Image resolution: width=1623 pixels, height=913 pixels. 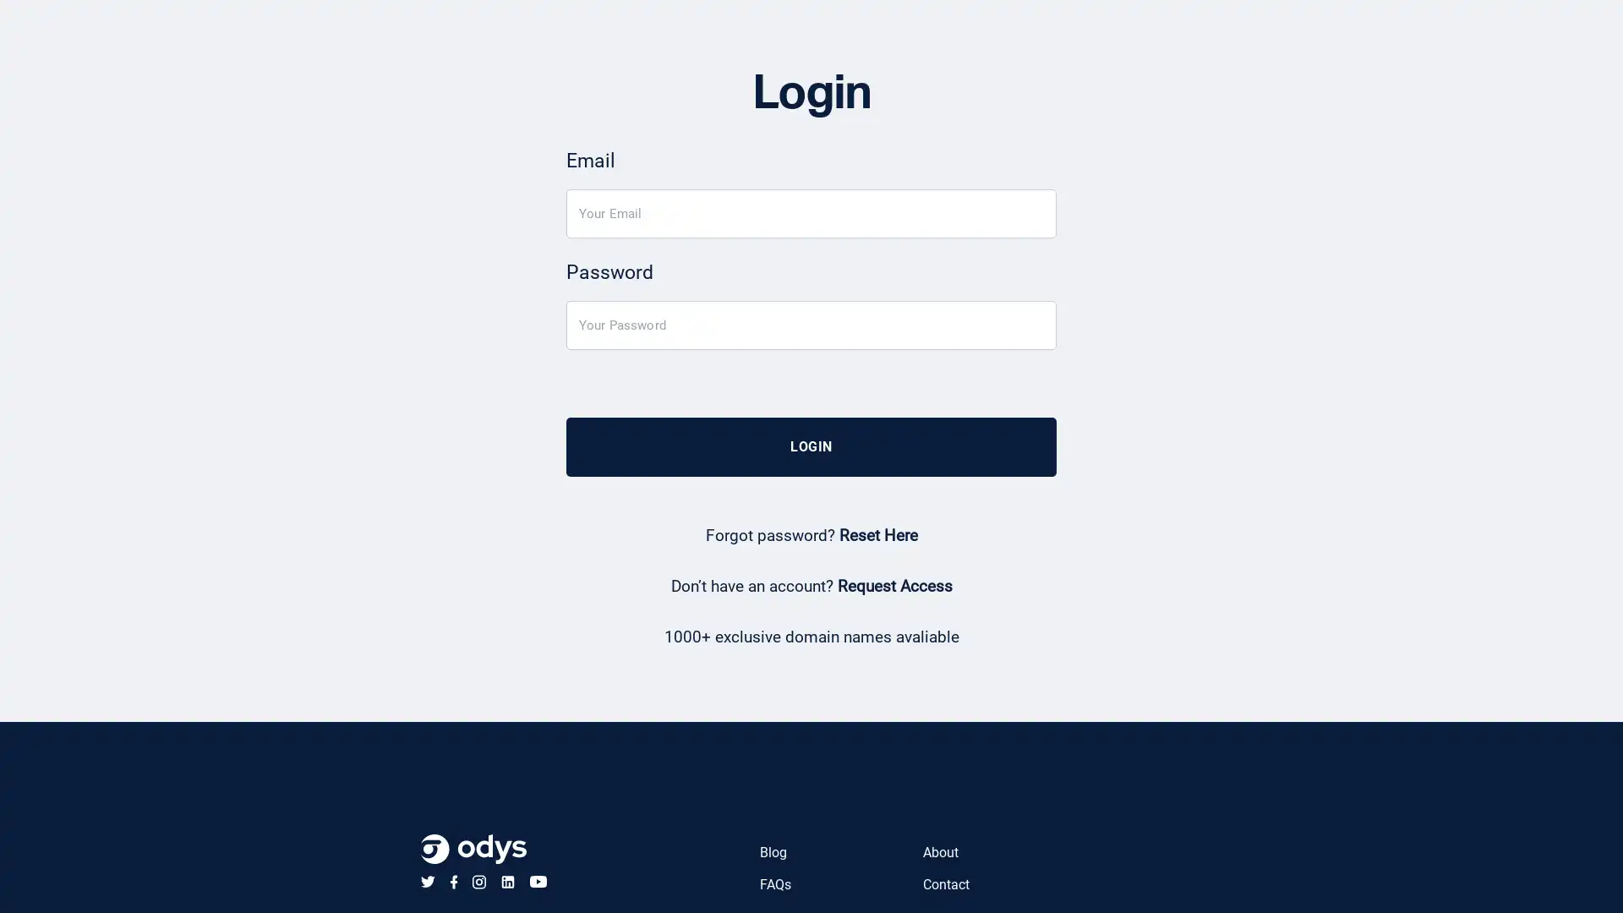 I want to click on LOGIN, so click(x=811, y=446).